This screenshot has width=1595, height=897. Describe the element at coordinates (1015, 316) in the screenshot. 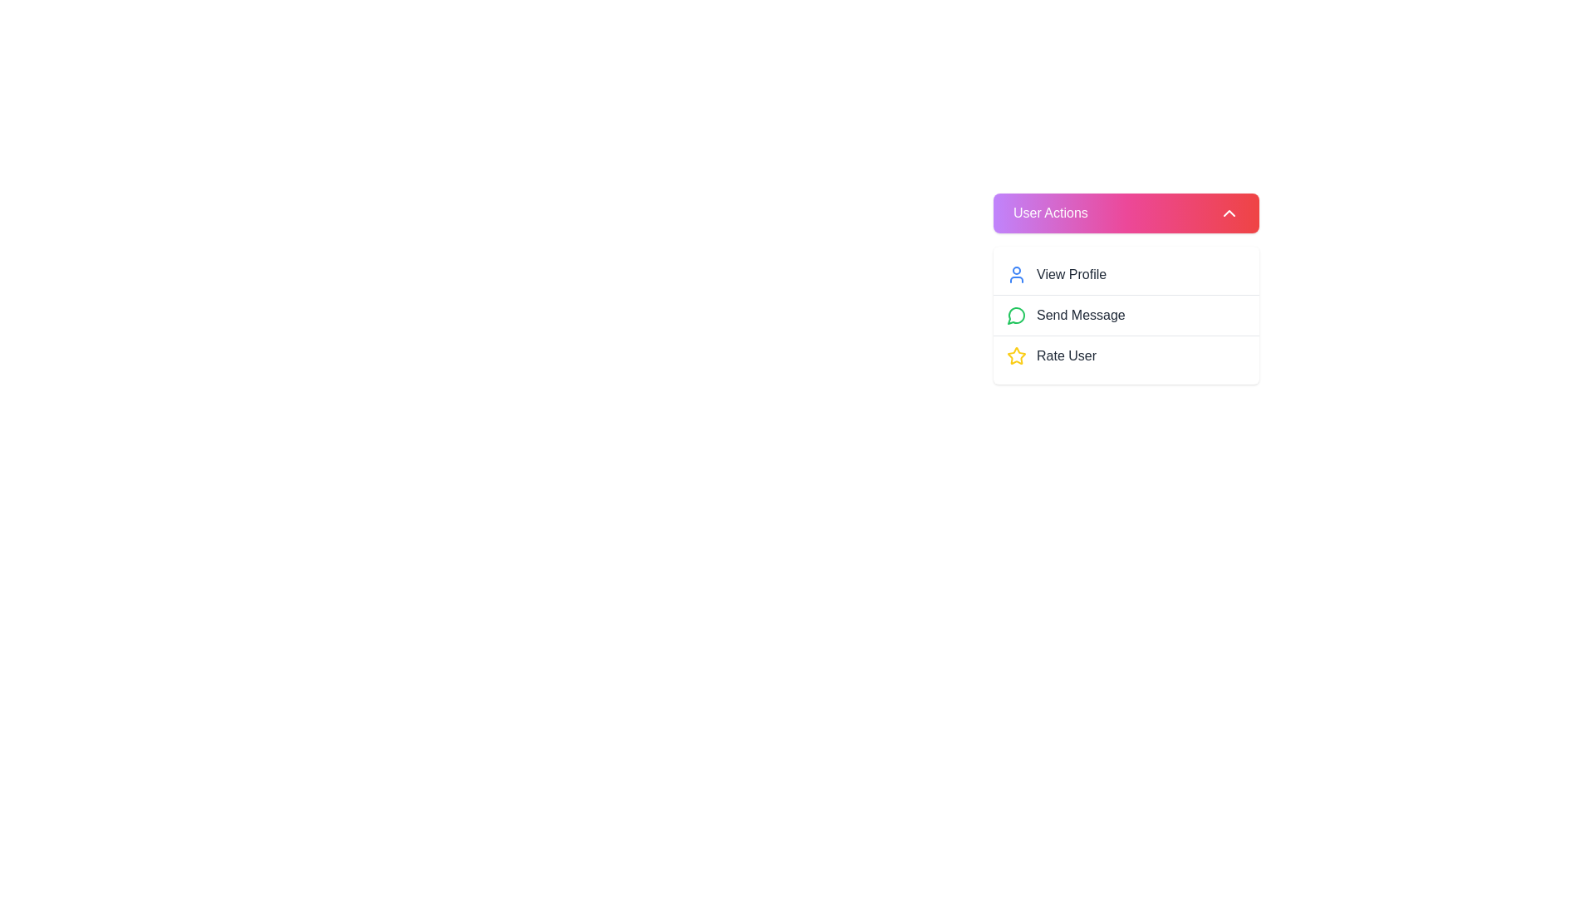

I see `the circular chat bubble icon with a green border in the second row of the action list under 'User Actions', associated with the 'Send Message' option` at that location.